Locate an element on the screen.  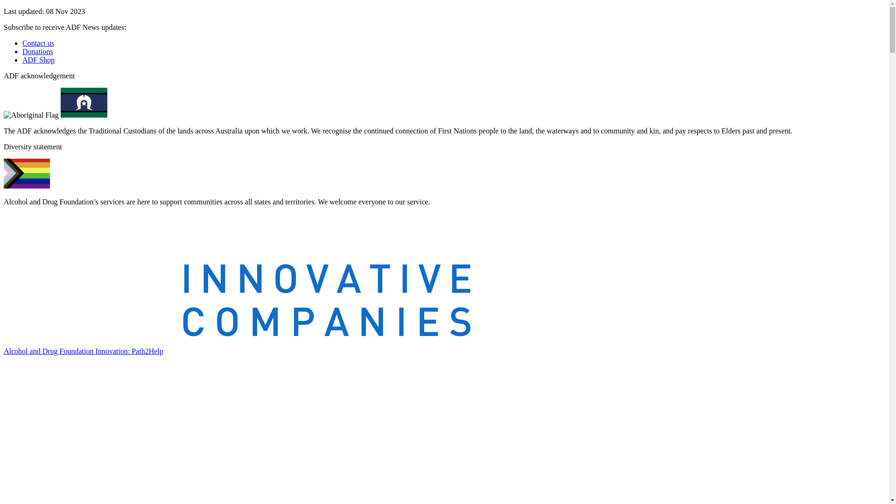
'Contact us' is located at coordinates (37, 43).